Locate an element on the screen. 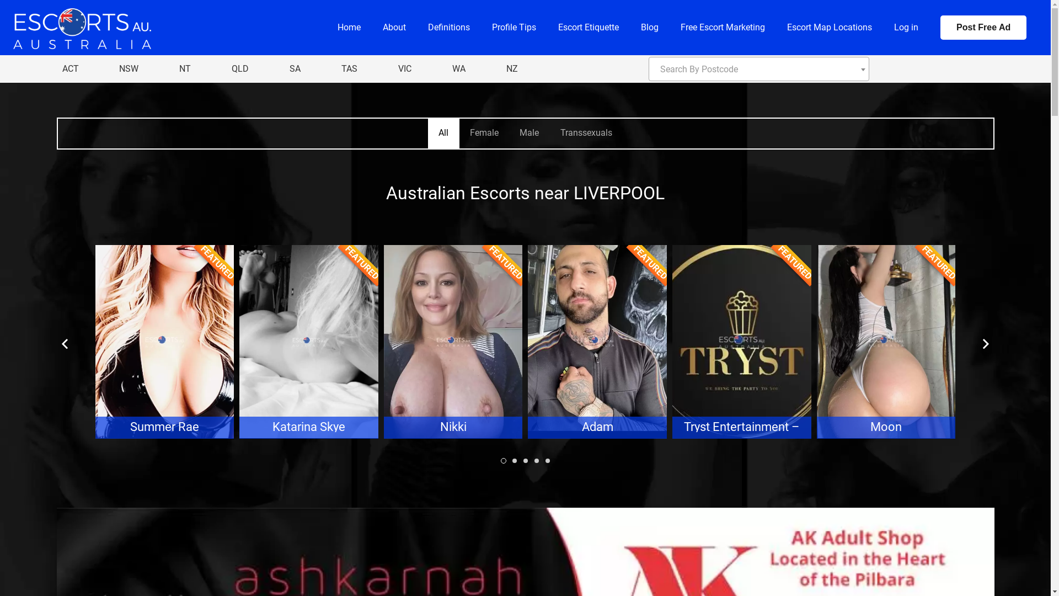  'SA' is located at coordinates (295, 68).